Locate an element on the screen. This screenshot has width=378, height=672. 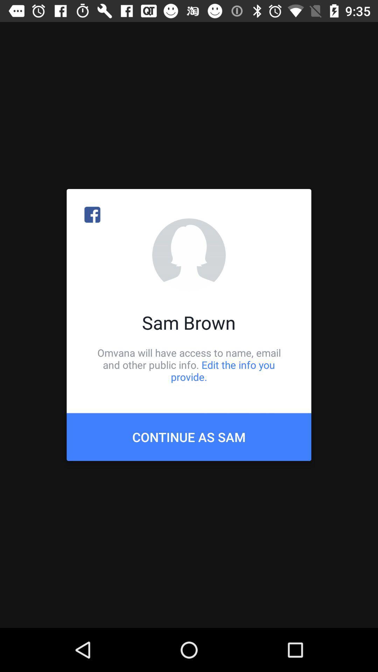
item below the omvana will have is located at coordinates (189, 436).